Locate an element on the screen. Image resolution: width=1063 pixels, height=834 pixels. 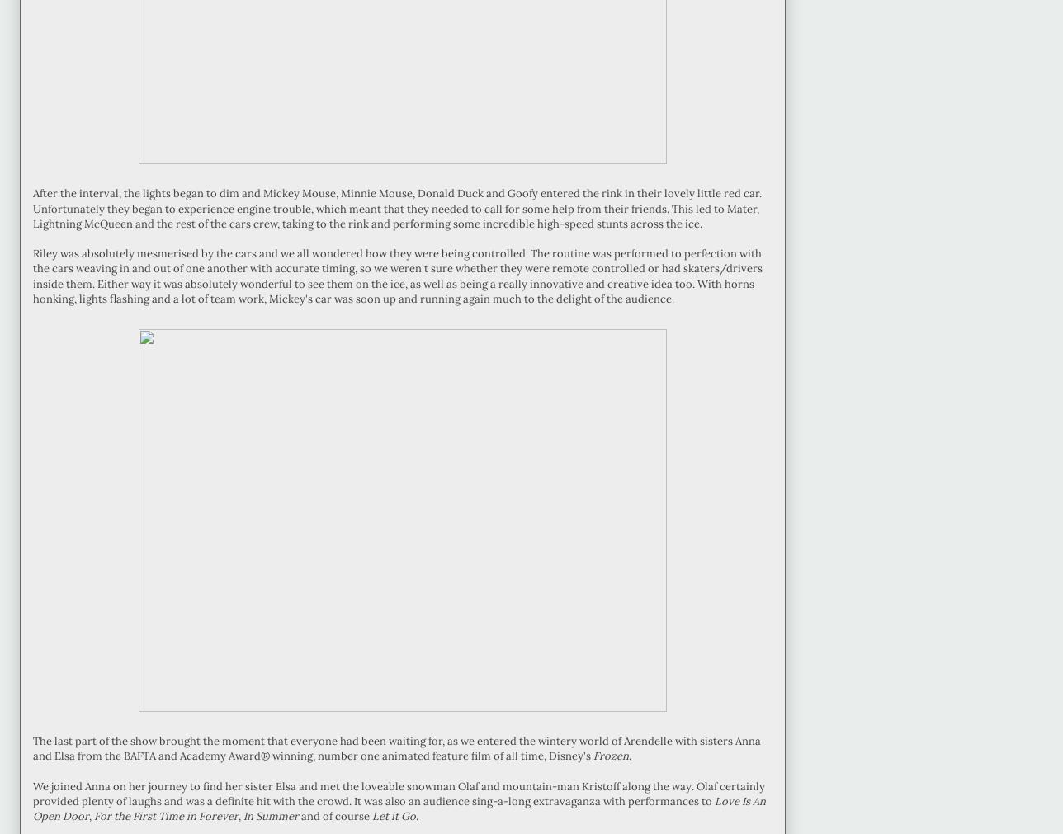
'We joined Anna on her journey to find her sister Elsa and met the loveable snowman Olaf and mountain-man Kristoff along the way. Olaf certainly provided plenty of laughs and was a definite hit with the crowd. It was also an audience sing-a-long extravaganza with performances to' is located at coordinates (399, 793).